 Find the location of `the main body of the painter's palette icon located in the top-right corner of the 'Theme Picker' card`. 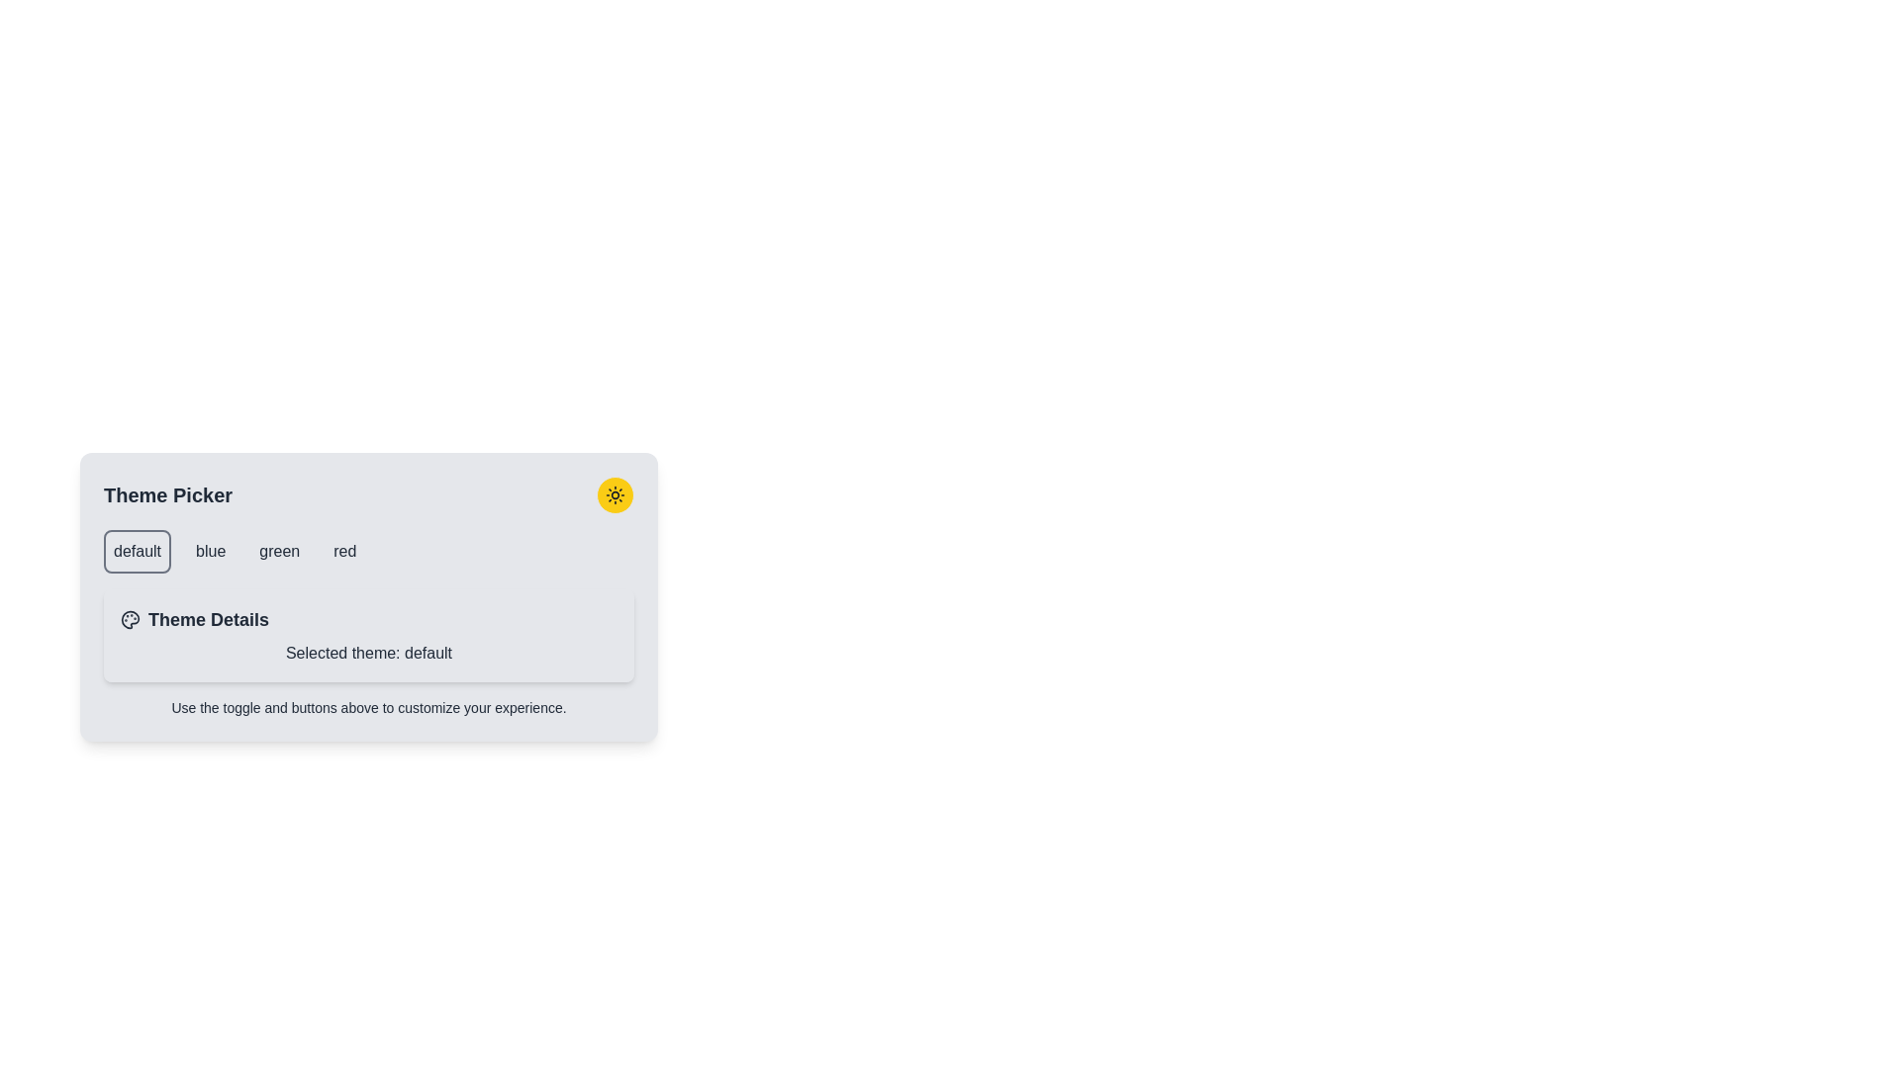

the main body of the painter's palette icon located in the top-right corner of the 'Theme Picker' card is located at coordinates (130, 619).